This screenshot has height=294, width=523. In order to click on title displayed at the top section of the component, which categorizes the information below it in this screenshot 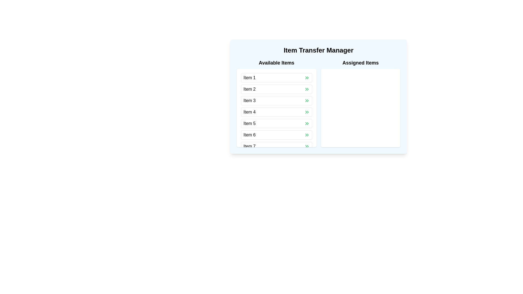, I will do `click(318, 50)`.